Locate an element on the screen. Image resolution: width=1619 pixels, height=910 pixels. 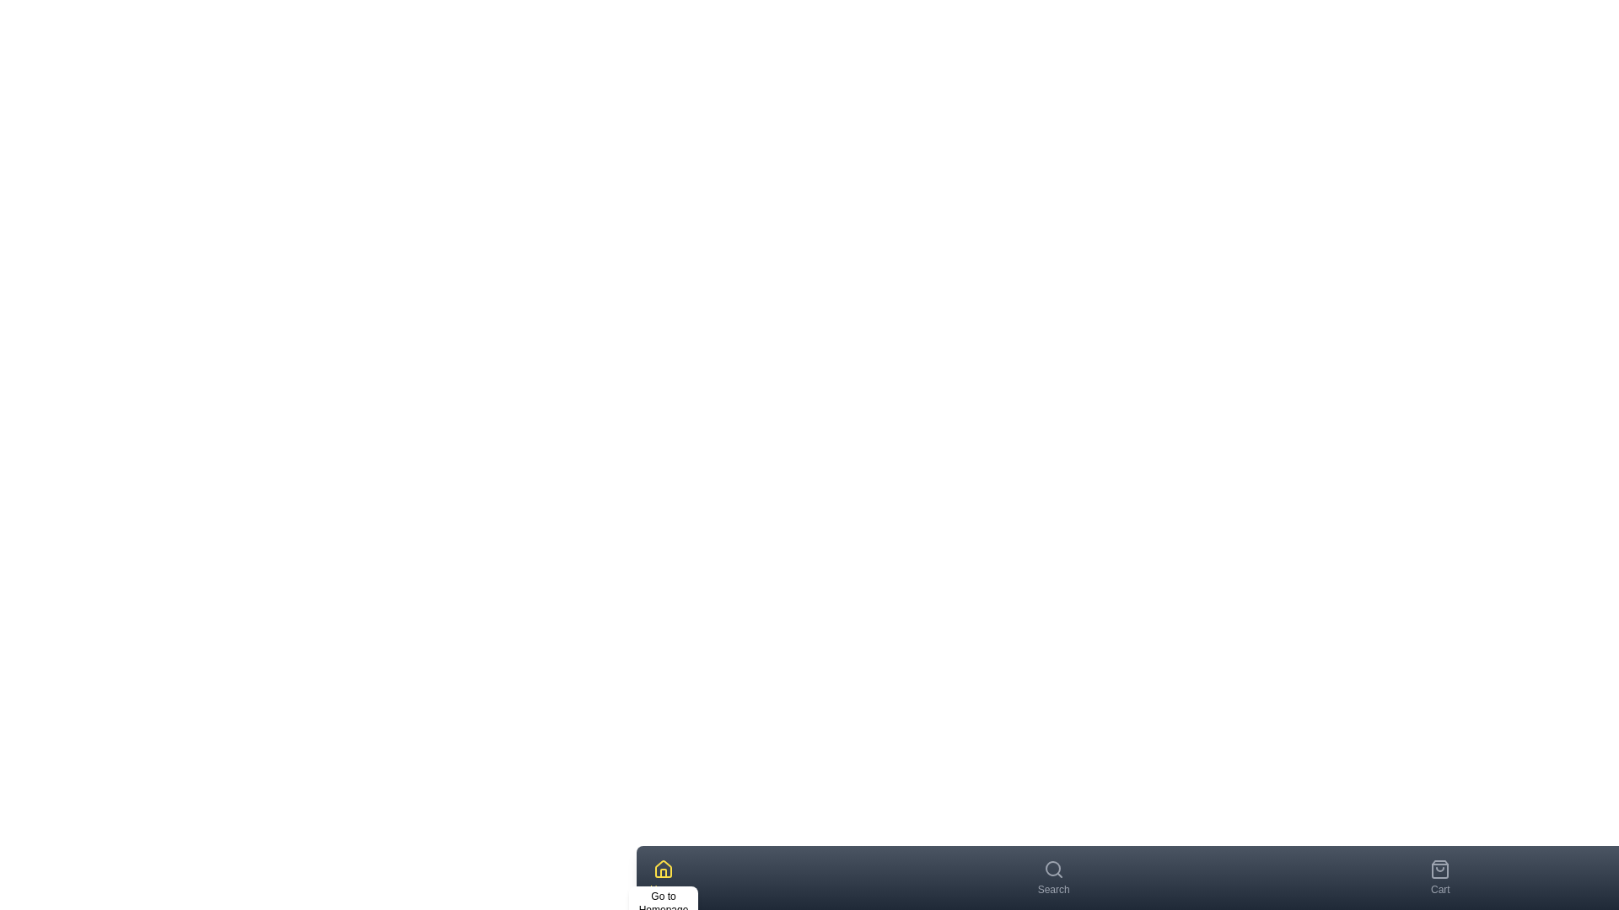
the tab corresponding to Search is located at coordinates (1052, 876).